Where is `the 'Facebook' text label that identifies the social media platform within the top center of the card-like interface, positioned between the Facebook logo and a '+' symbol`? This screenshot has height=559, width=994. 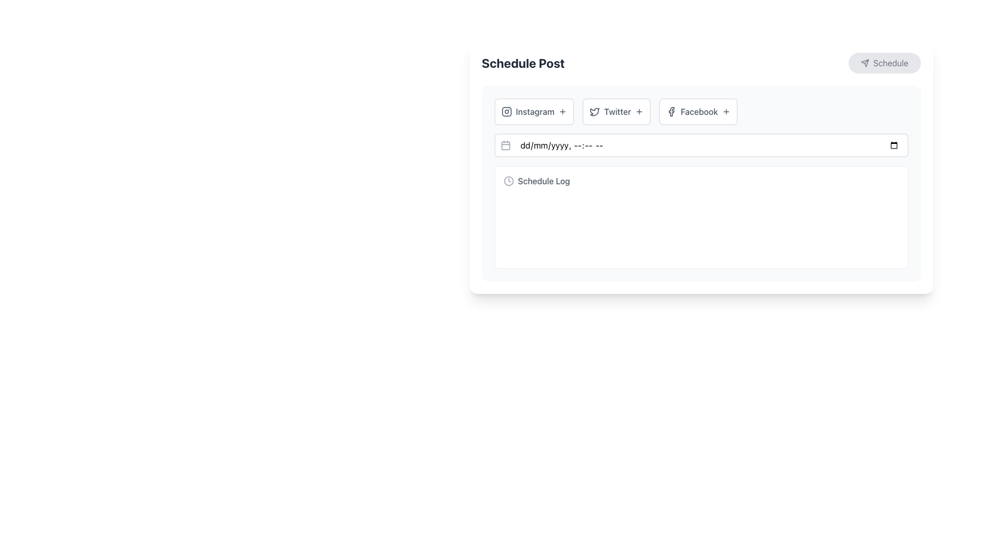 the 'Facebook' text label that identifies the social media platform within the top center of the card-like interface, positioned between the Facebook logo and a '+' symbol is located at coordinates (699, 112).